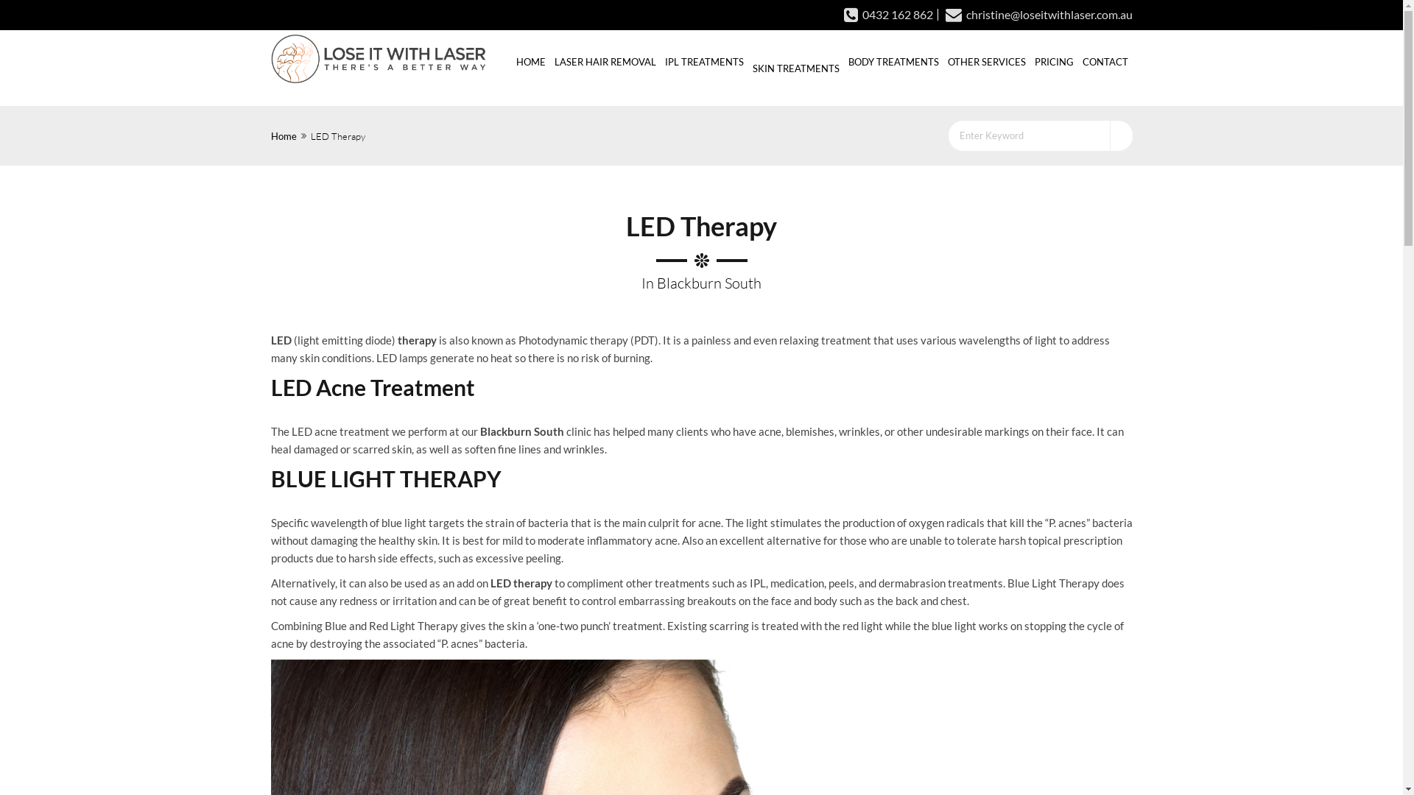 This screenshot has width=1414, height=795. What do you see at coordinates (530, 60) in the screenshot?
I see `'HOME'` at bounding box center [530, 60].